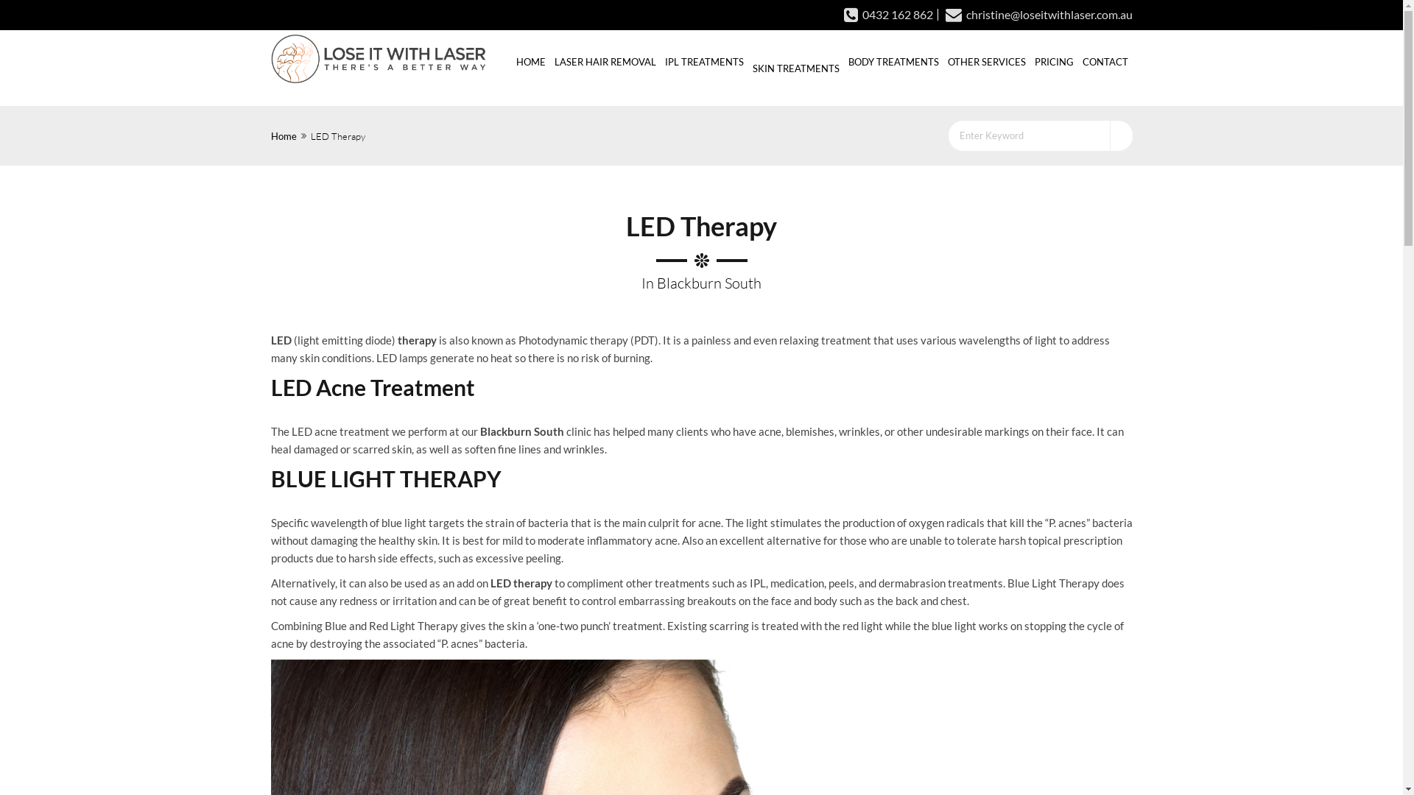 This screenshot has width=1414, height=795. What do you see at coordinates (530, 60) in the screenshot?
I see `'HOME'` at bounding box center [530, 60].